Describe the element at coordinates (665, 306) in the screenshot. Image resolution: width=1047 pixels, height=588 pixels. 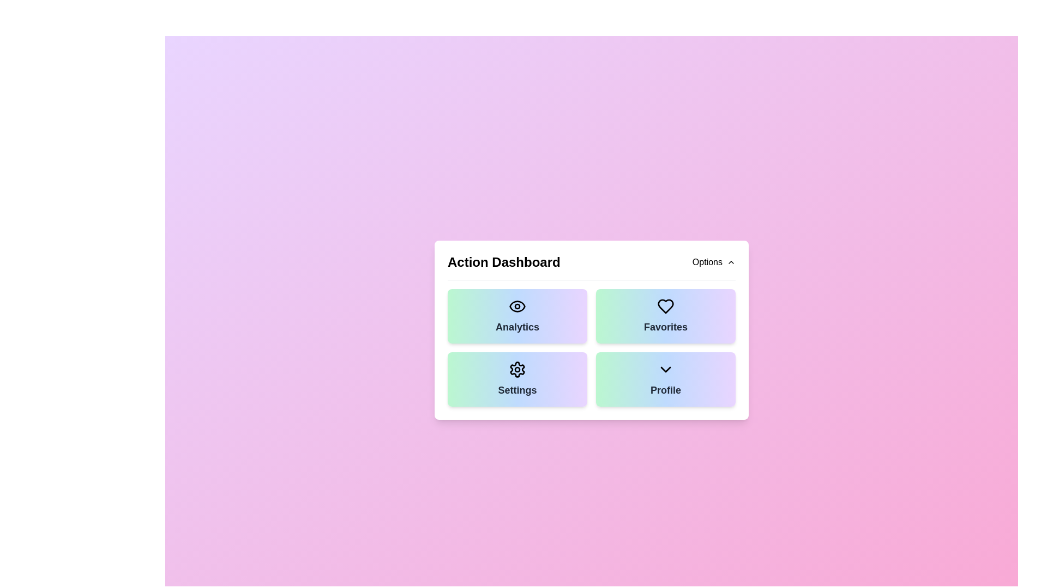
I see `the heart icon representing the 'Favorites' action, located in the upper-right quadrant of the 'Action Dashboard' card` at that location.